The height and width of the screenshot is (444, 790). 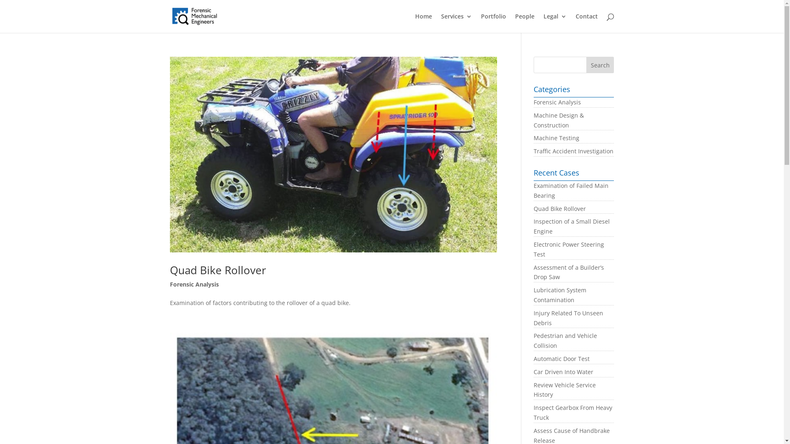 What do you see at coordinates (571, 226) in the screenshot?
I see `'Inspection of a Small Diesel Engine'` at bounding box center [571, 226].